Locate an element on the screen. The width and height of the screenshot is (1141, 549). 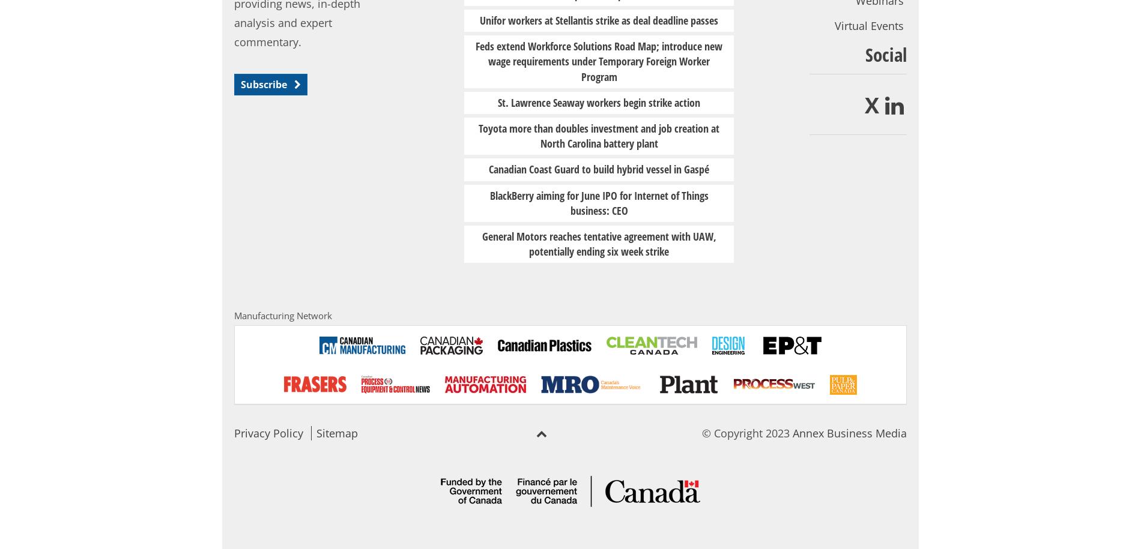
'Manufacturing Network' is located at coordinates (282, 316).